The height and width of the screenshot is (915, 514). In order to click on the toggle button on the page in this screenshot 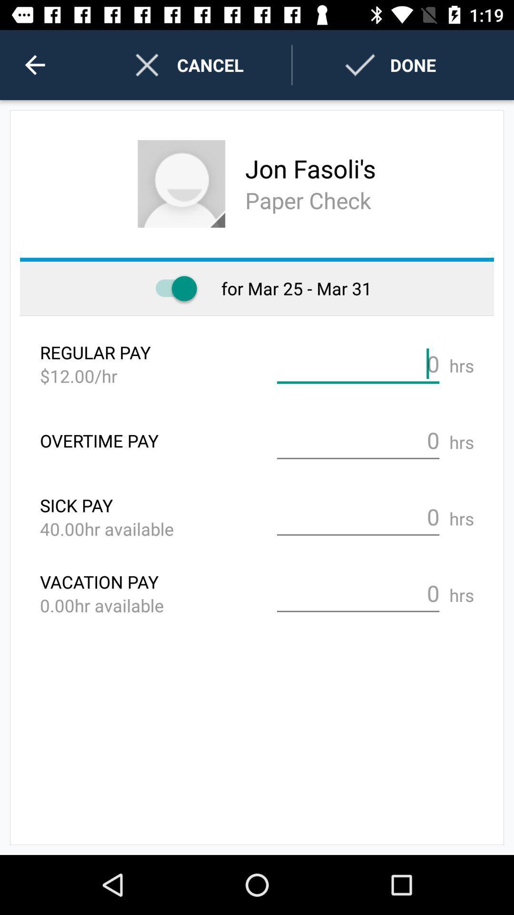, I will do `click(172, 288)`.